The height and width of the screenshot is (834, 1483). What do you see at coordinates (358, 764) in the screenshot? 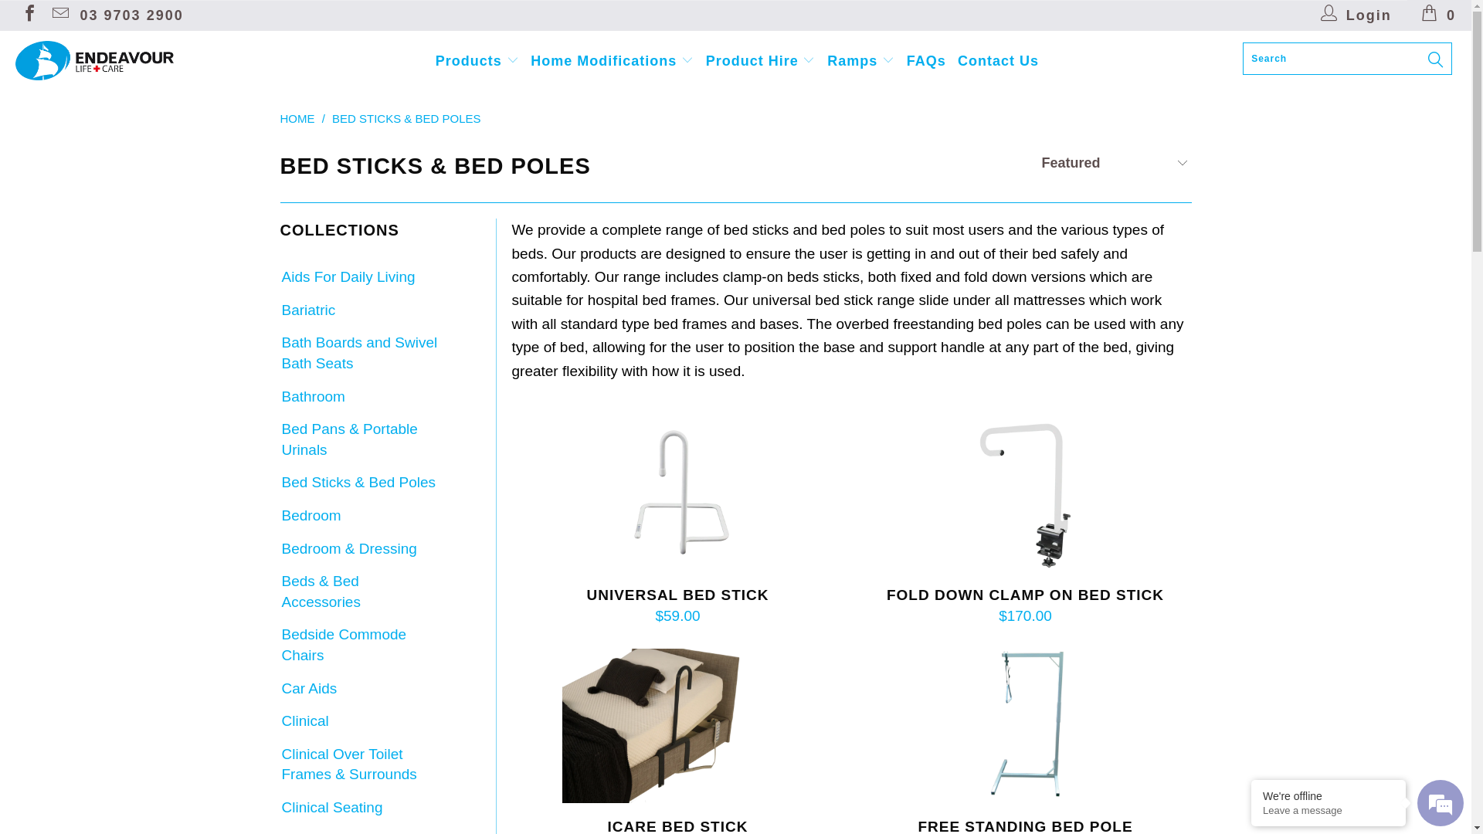
I see `'Clinical Over Toilet Frames & Surrounds'` at bounding box center [358, 764].